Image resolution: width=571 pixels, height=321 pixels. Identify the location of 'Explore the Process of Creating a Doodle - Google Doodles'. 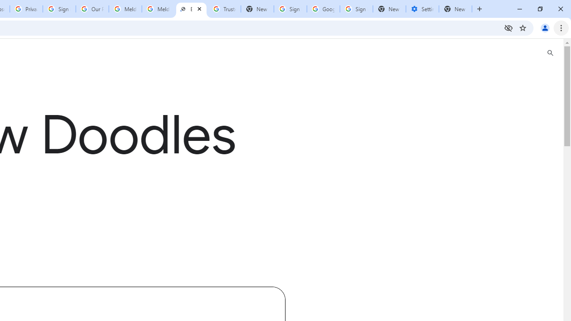
(190, 9).